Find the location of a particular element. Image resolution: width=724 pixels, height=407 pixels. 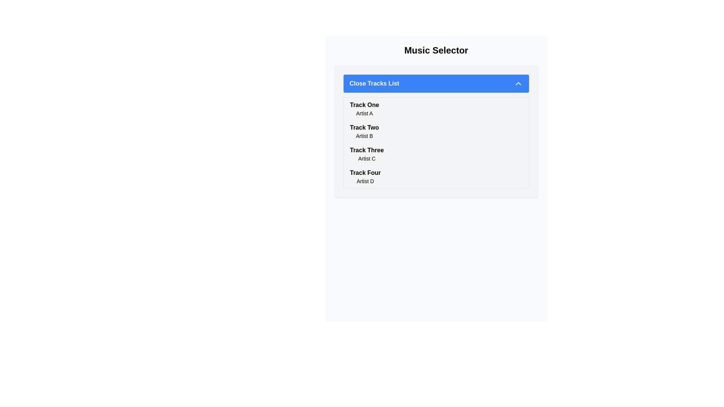

the text label displaying 'Artist C', which is located below the track title 'Track Three' in the music track list interface is located at coordinates (367, 158).